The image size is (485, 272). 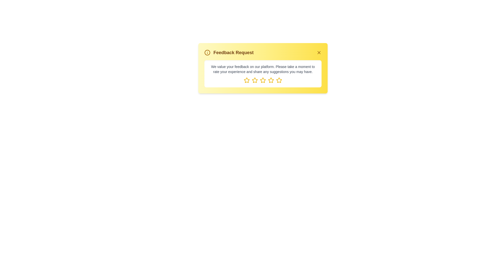 I want to click on the element star_4 to observe its hover effect, so click(x=271, y=80).